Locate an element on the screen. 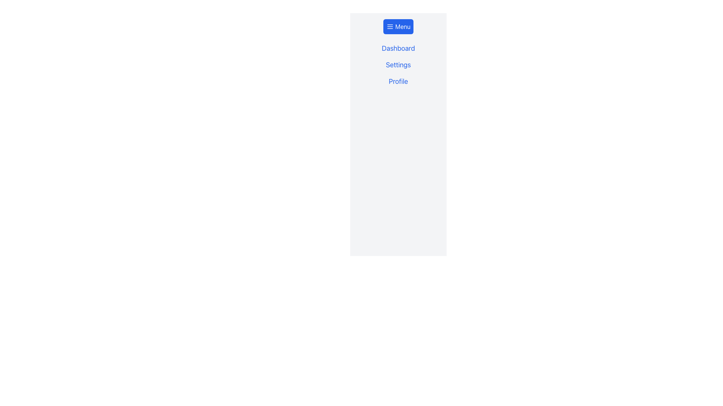 Image resolution: width=723 pixels, height=406 pixels. the blue rectangular button labeled 'Menu' with a menu icon on the left is located at coordinates (398, 26).